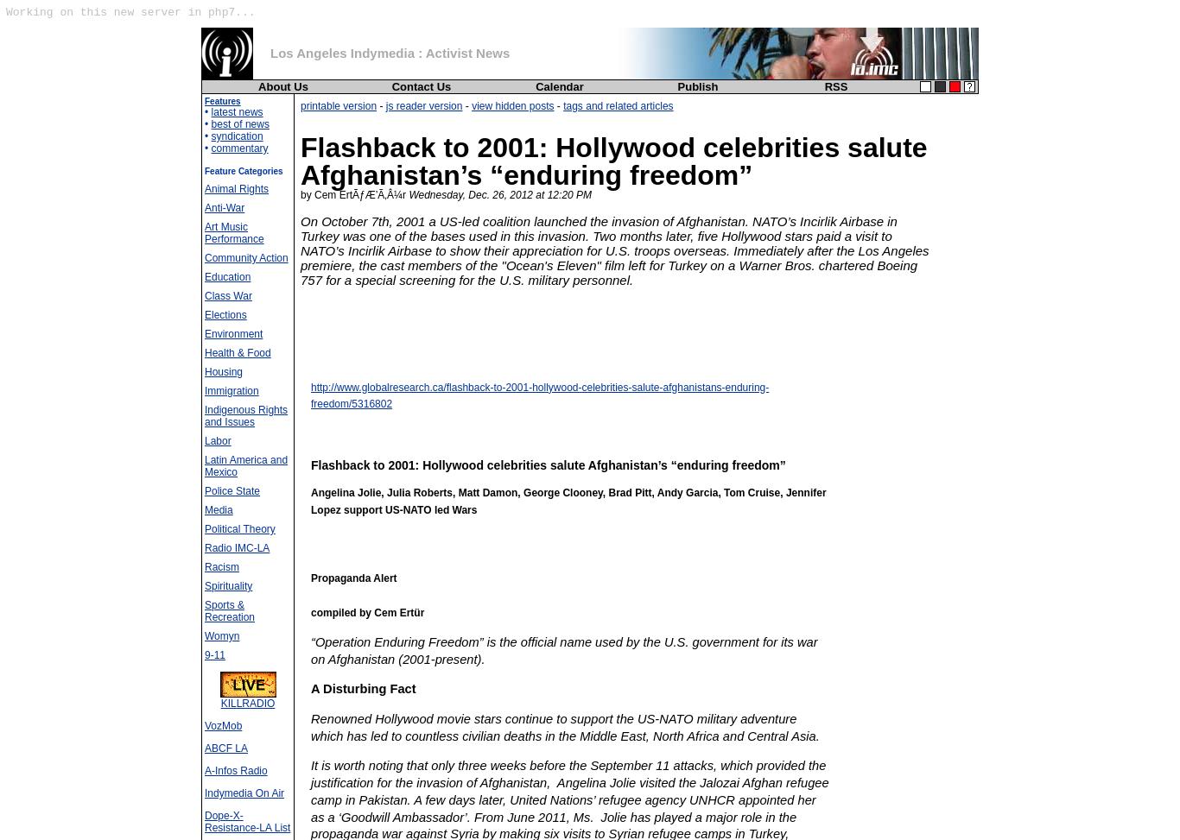 The image size is (1180, 840). I want to click on 'Environment', so click(233, 332).